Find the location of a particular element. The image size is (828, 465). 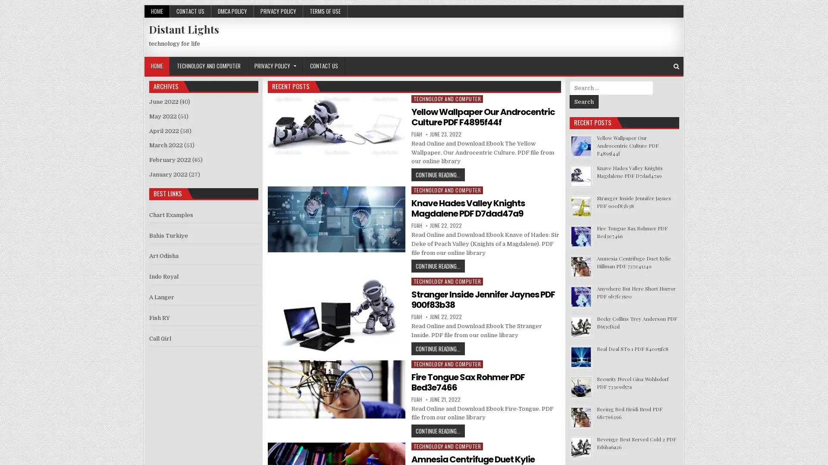

Search is located at coordinates (584, 101).